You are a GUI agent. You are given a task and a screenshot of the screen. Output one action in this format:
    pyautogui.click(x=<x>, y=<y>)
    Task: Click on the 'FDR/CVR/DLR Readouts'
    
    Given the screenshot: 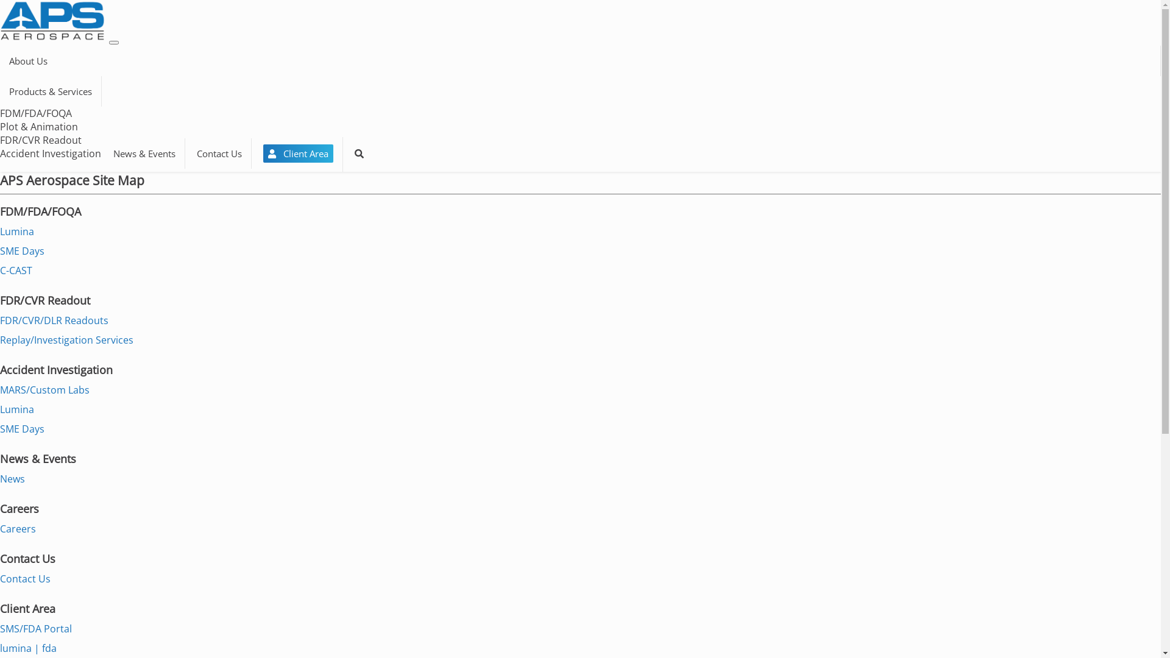 What is the action you would take?
    pyautogui.click(x=54, y=319)
    